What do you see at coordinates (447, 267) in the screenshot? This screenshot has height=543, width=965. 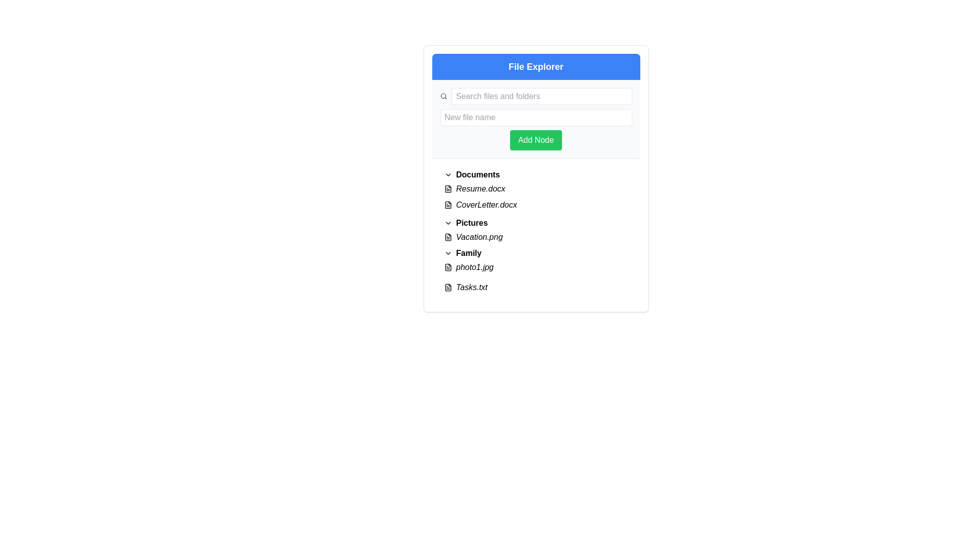 I see `the text file icon located to the left of the filename 'photo1.jpg' in the file explorer` at bounding box center [447, 267].